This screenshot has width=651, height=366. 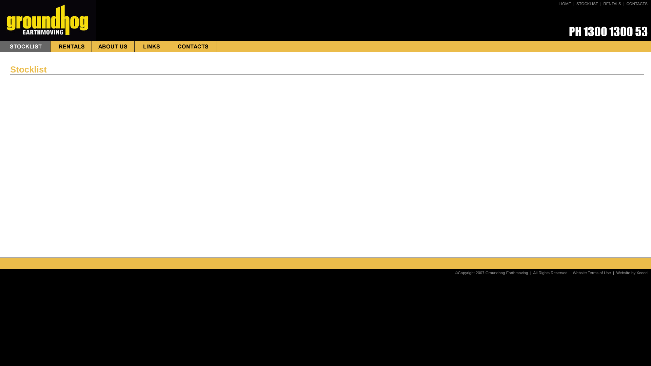 What do you see at coordinates (50, 49) in the screenshot?
I see `'RENTALS'` at bounding box center [50, 49].